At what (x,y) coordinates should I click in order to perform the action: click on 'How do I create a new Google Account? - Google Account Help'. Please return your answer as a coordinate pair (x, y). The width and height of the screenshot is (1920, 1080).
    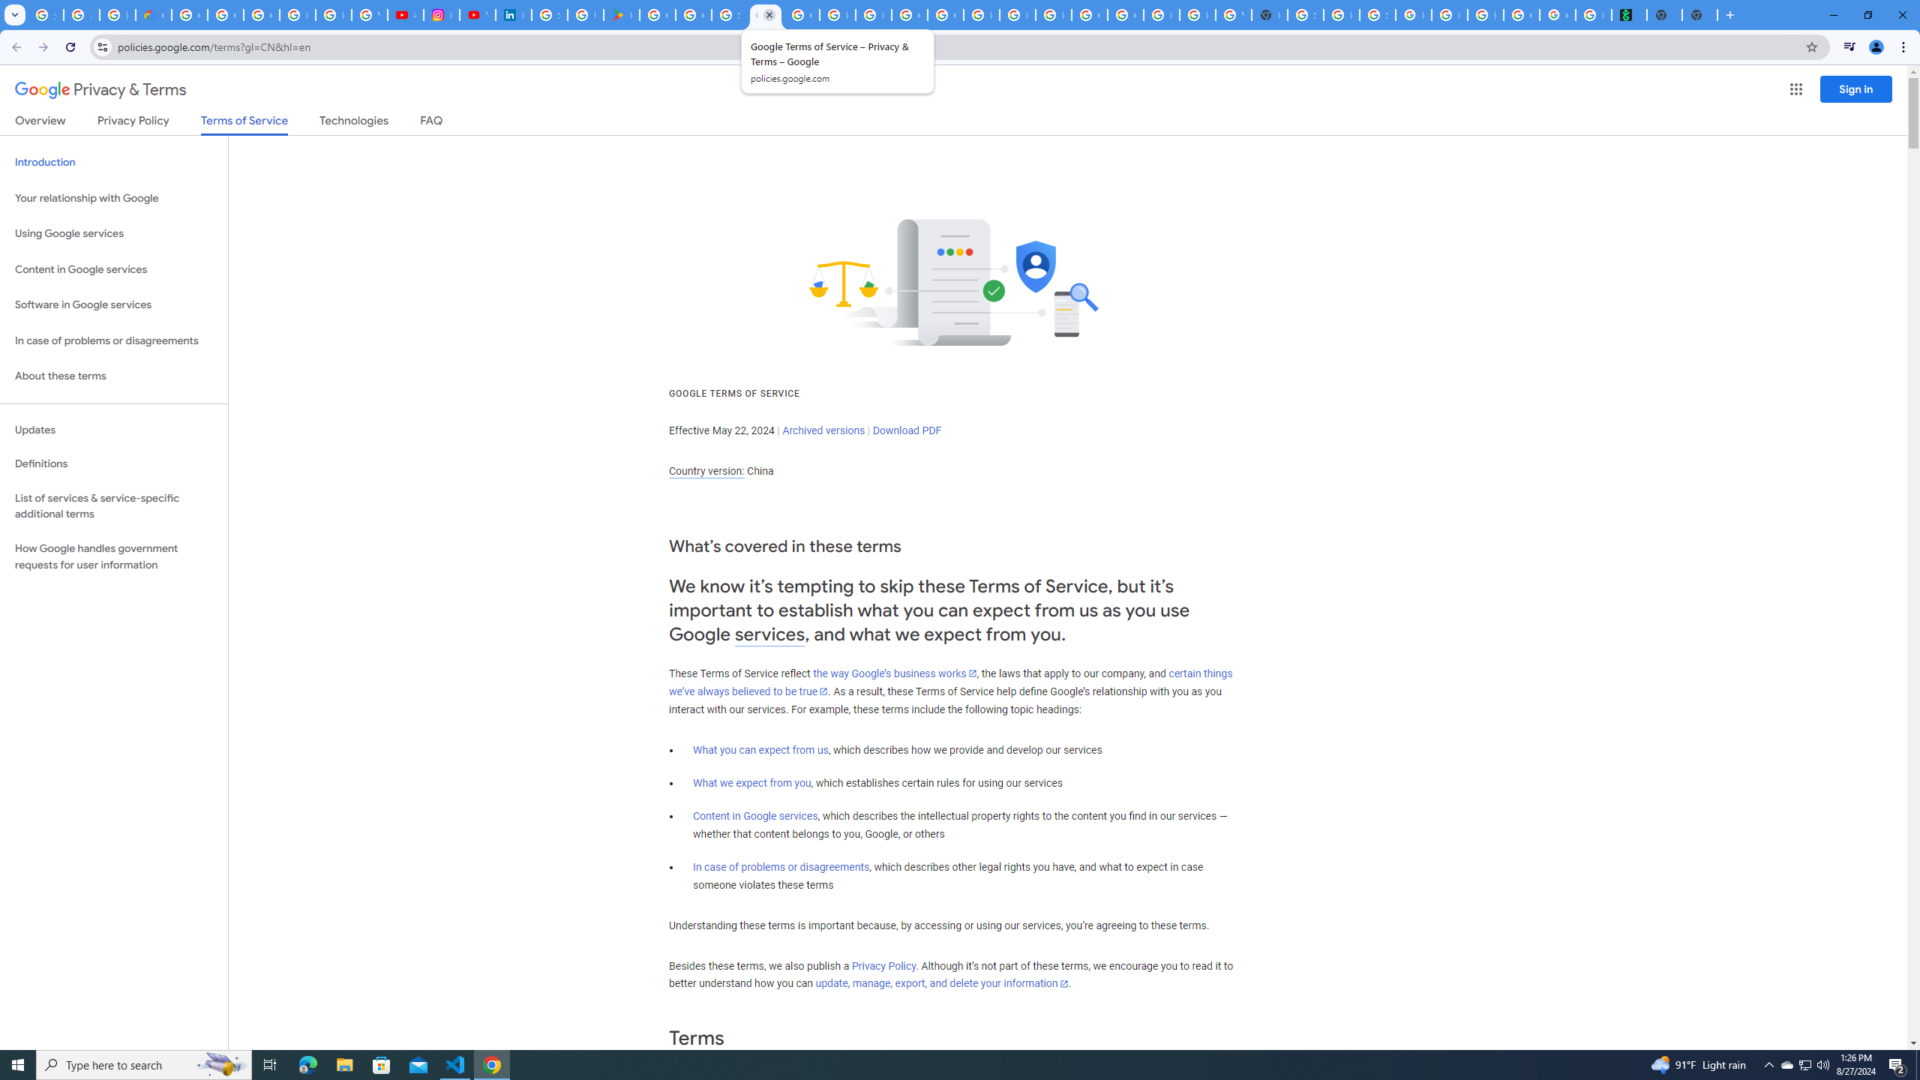
    Looking at the image, I should click on (837, 14).